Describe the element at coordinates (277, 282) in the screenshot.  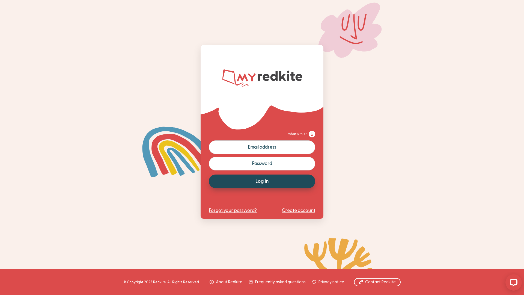
I see `'Frequently asked questions'` at that location.